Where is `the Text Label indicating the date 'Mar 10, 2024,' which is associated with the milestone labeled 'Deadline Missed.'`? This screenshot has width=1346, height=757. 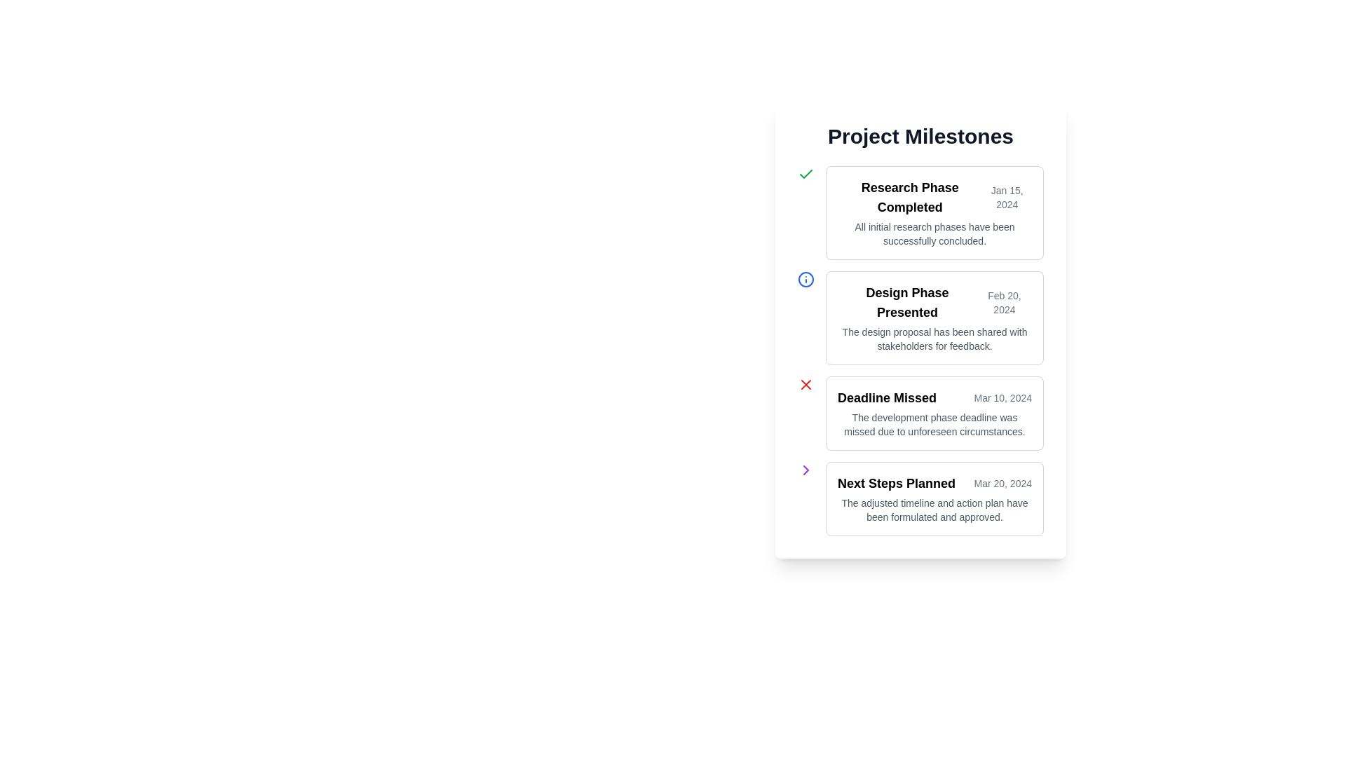
the Text Label indicating the date 'Mar 10, 2024,' which is associated with the milestone labeled 'Deadline Missed.' is located at coordinates (1002, 397).